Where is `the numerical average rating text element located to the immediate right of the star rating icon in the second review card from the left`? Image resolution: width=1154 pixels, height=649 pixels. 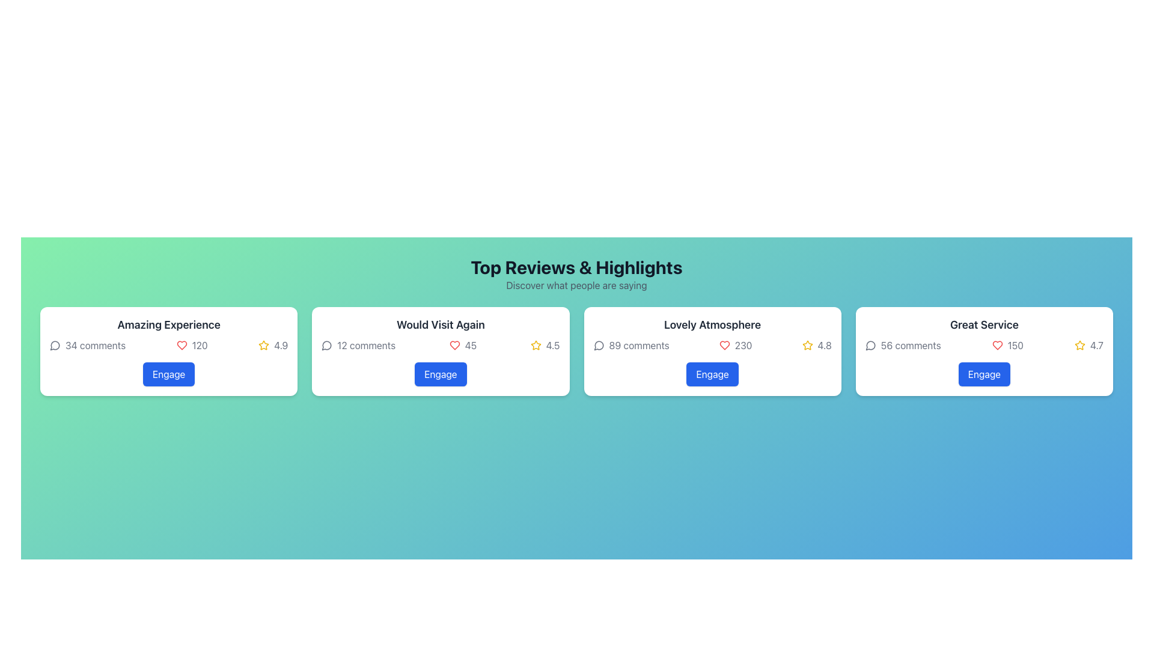
the numerical average rating text element located to the immediate right of the star rating icon in the second review card from the left is located at coordinates (552, 345).